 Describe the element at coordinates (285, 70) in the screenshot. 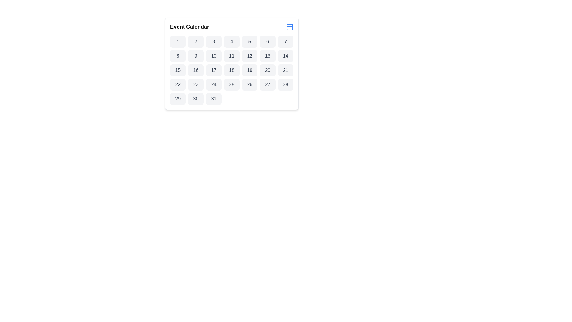

I see `the 21st day button in the calendar` at that location.